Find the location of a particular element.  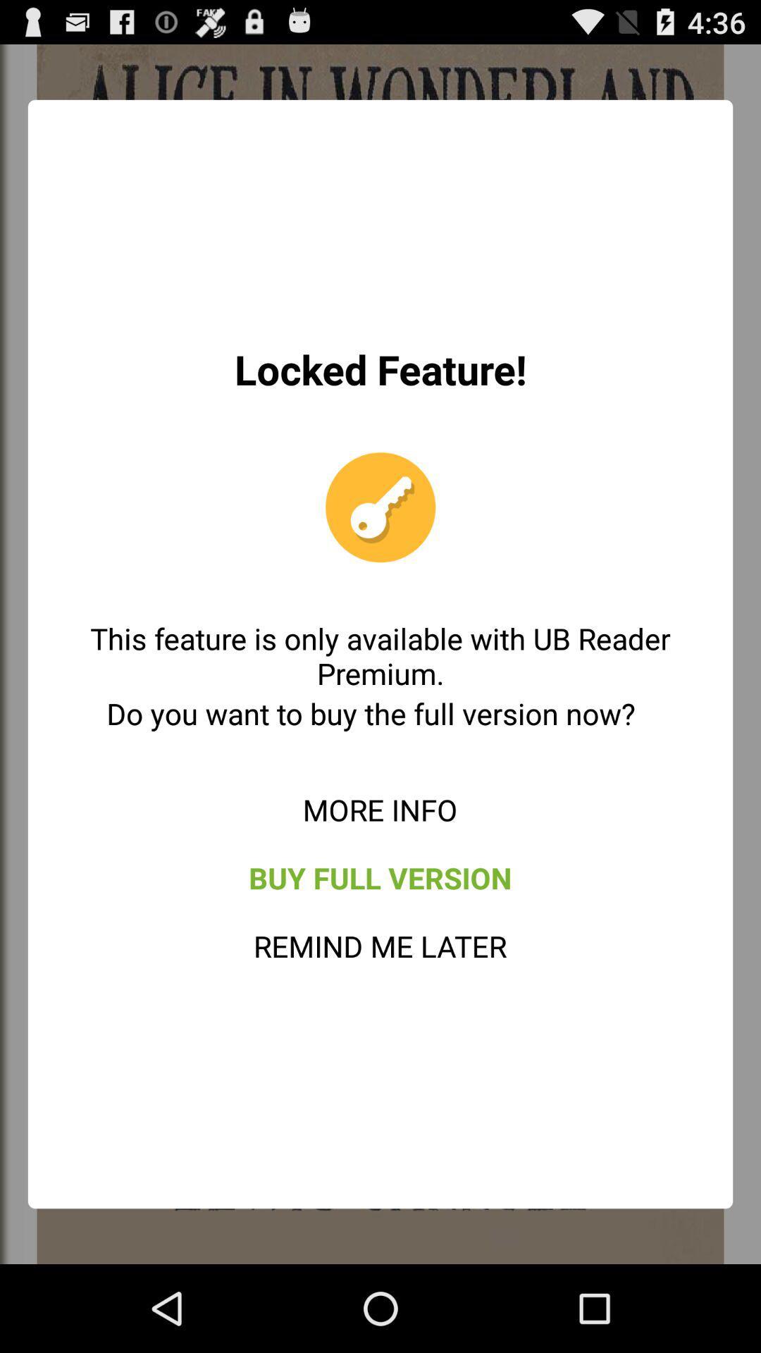

the remind me later item is located at coordinates (379, 946).